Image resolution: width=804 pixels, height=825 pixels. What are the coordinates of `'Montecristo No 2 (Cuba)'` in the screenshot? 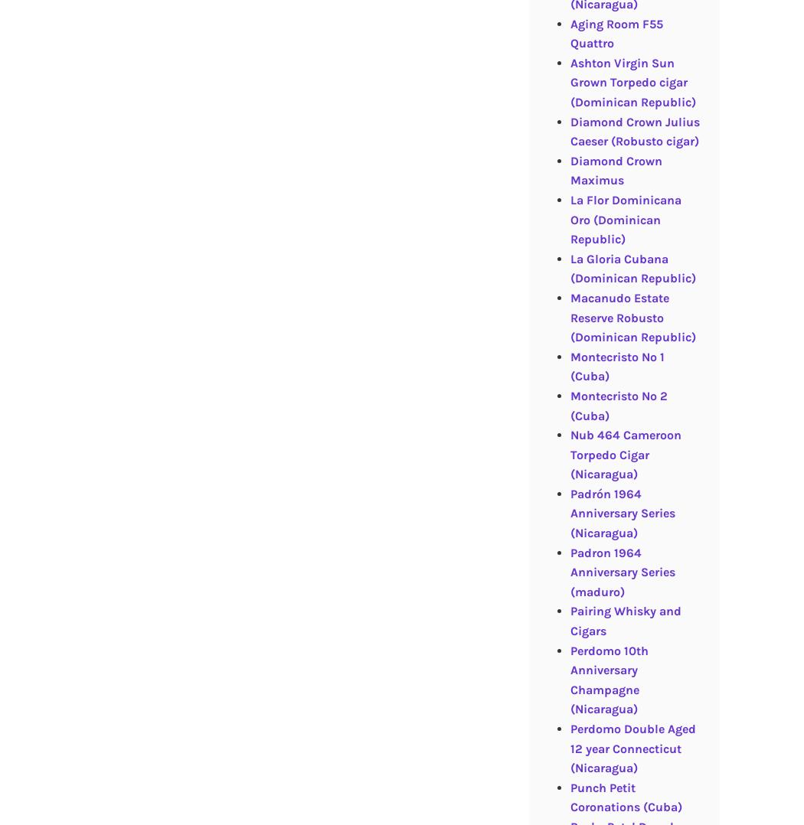 It's located at (569, 405).